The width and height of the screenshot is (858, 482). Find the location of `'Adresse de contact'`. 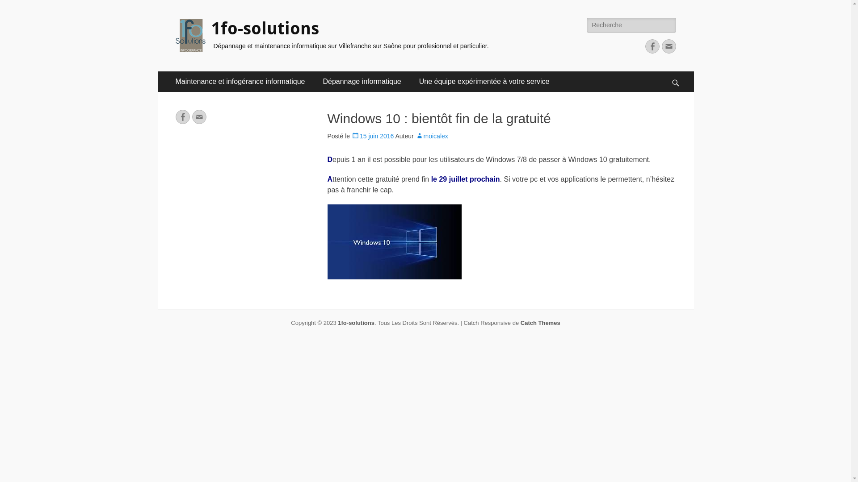

'Adresse de contact' is located at coordinates (192, 116).